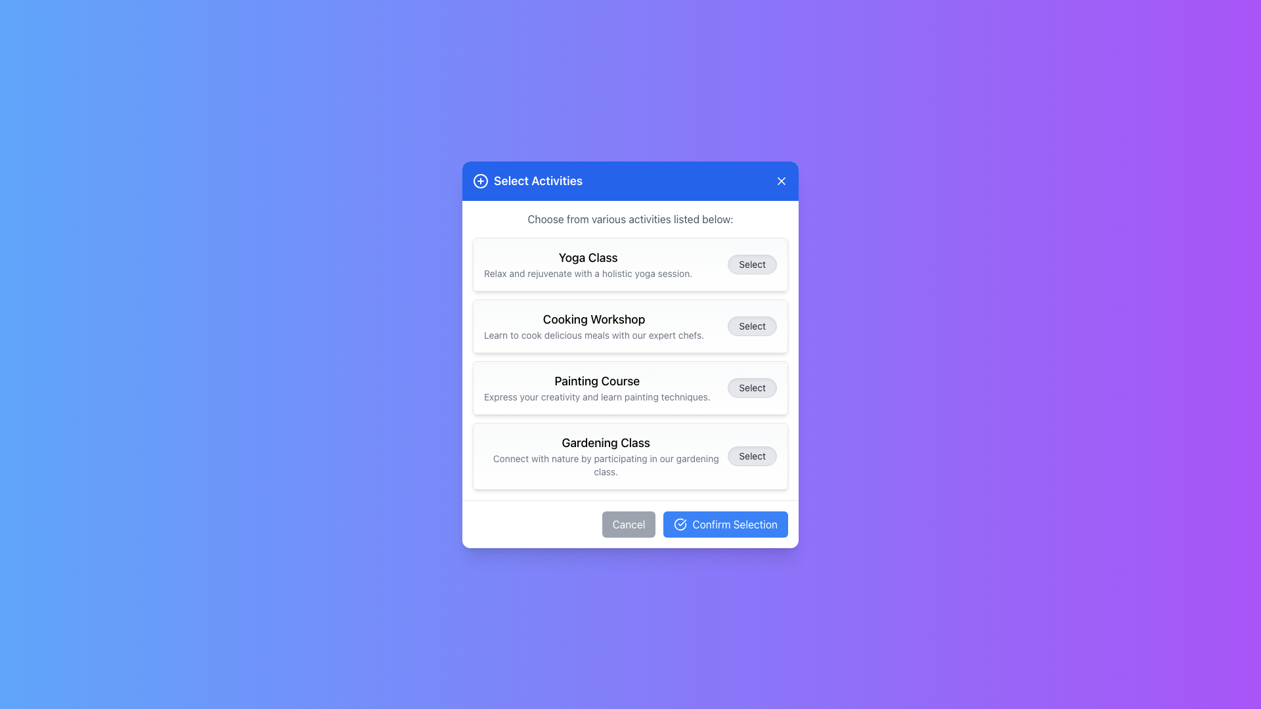 This screenshot has width=1261, height=709. I want to click on the static text label that provides descriptive information about the 'Gardening Class' activity, located beneath the title 'Gardening Class' and above the selection button in the card-like block, so click(605, 464).